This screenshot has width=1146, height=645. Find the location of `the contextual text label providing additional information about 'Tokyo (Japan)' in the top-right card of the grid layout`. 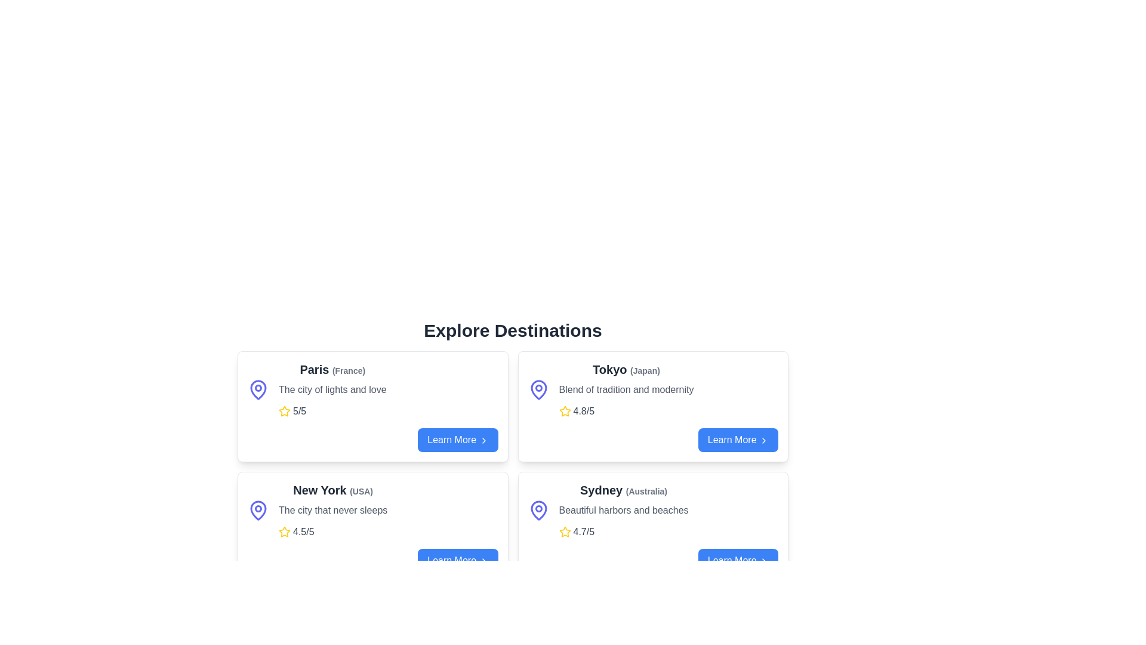

the contextual text label providing additional information about 'Tokyo (Japan)' in the top-right card of the grid layout is located at coordinates (644, 370).